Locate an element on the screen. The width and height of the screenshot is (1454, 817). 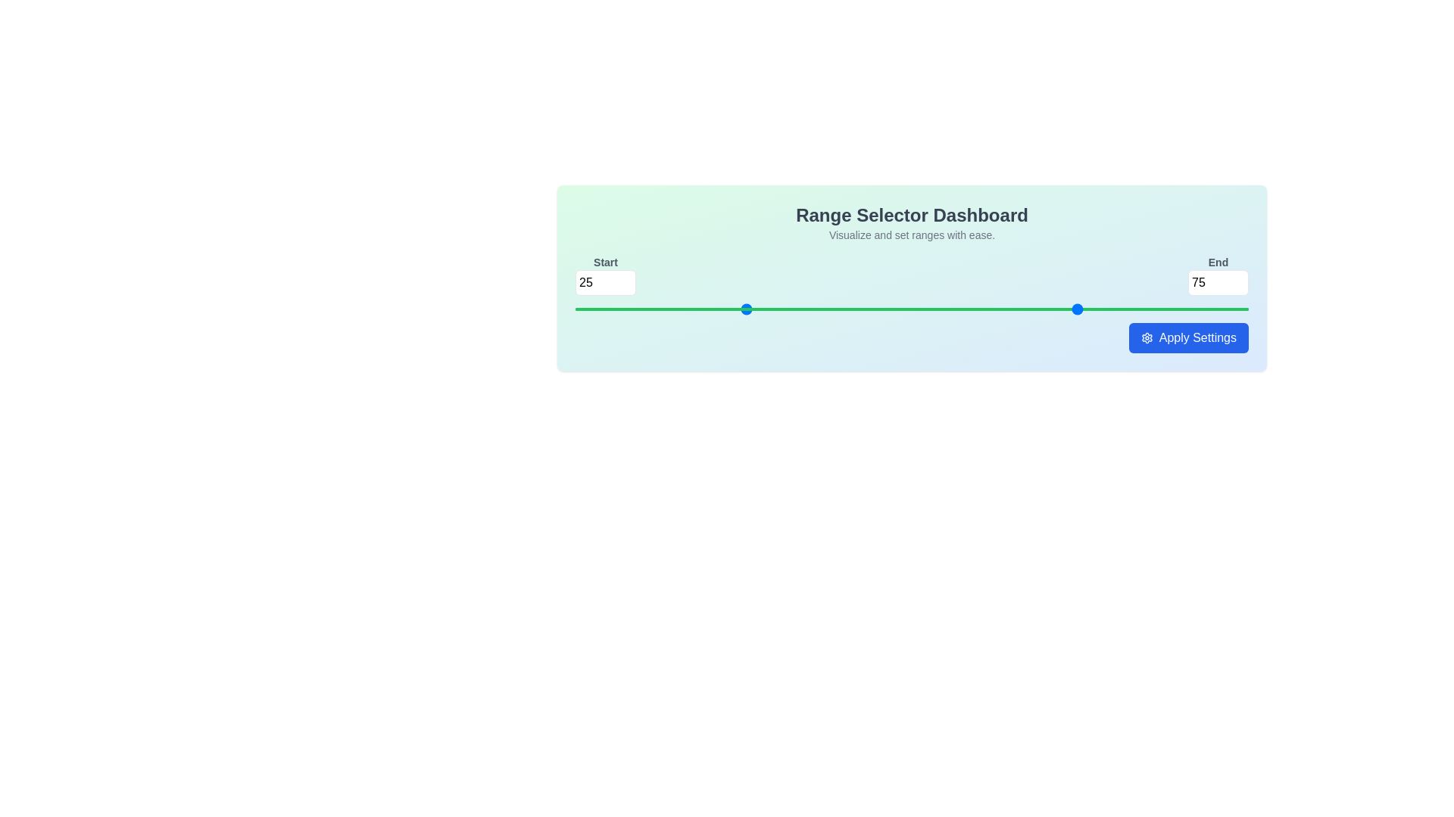
the confirm button located at the bottom-right corner of its section to trigger hover effects is located at coordinates (1187, 337).